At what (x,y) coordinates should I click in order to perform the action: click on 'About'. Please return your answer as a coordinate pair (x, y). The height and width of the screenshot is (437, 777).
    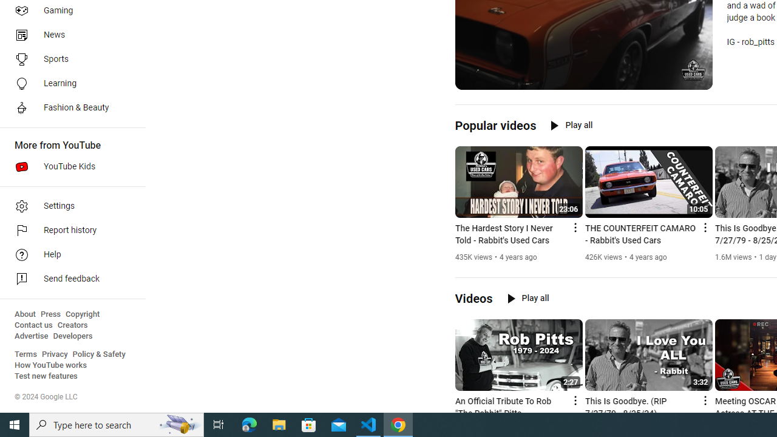
    Looking at the image, I should click on (25, 314).